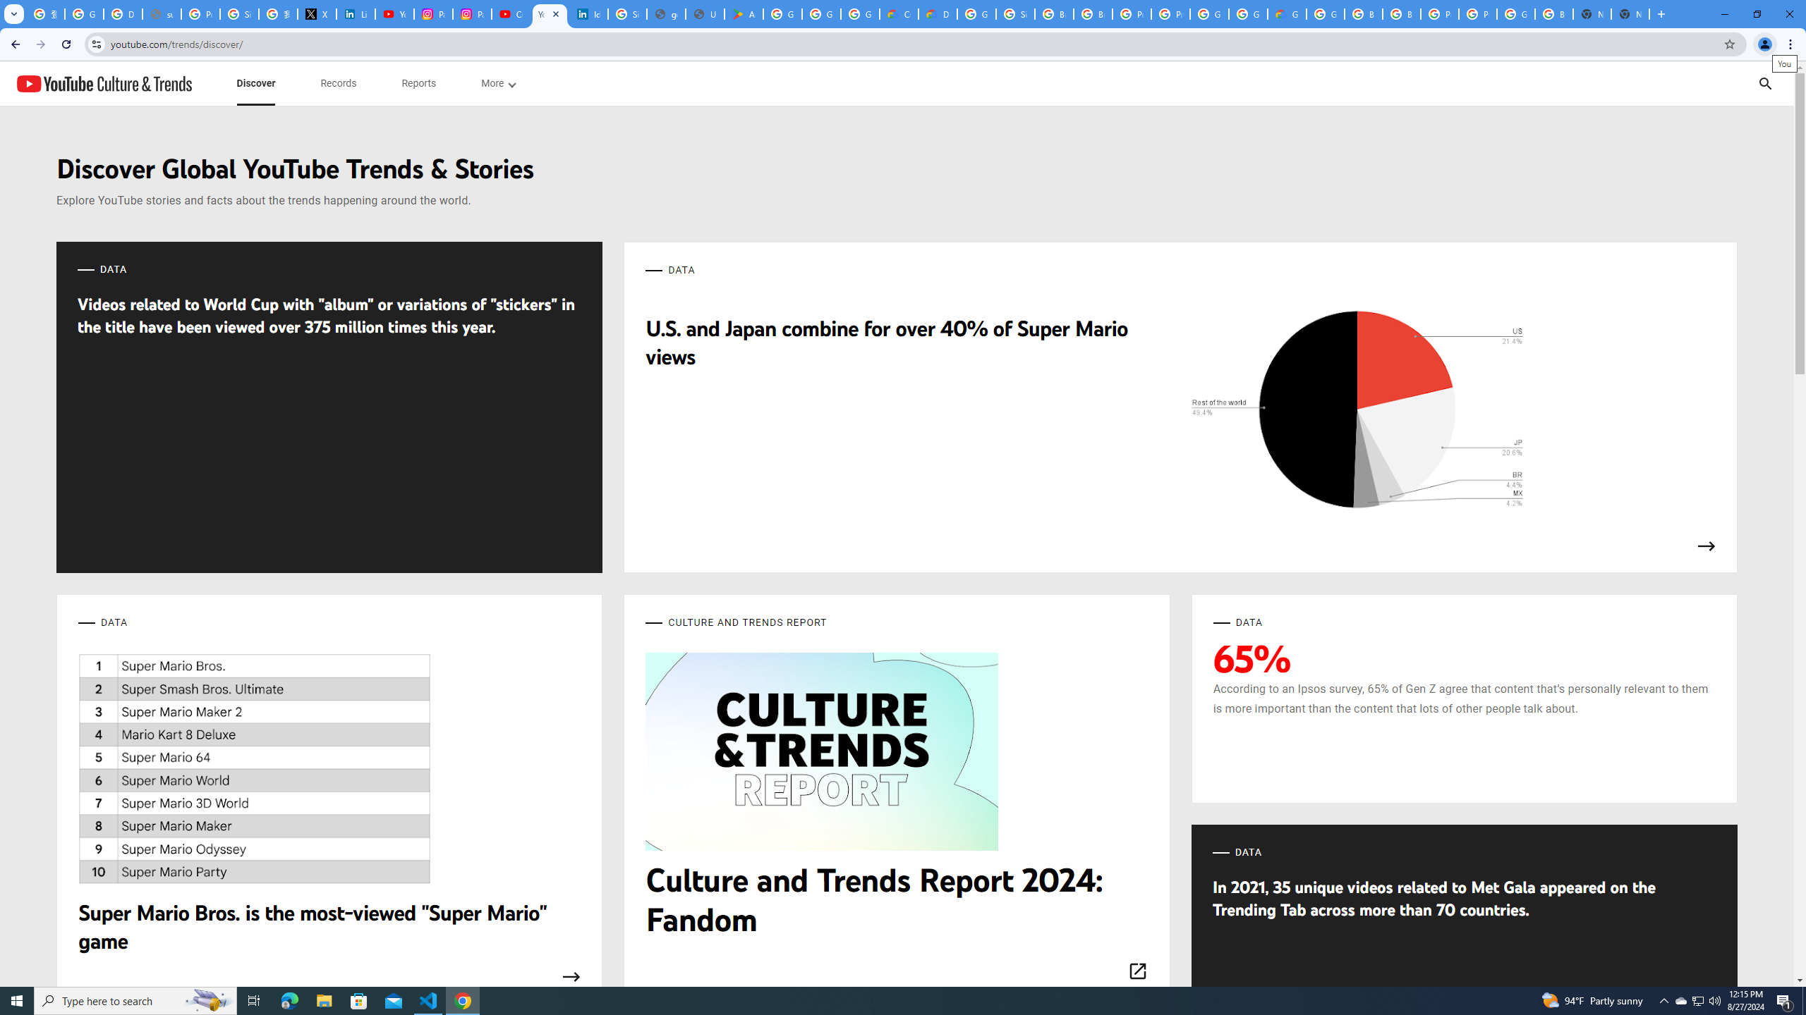  Describe the element at coordinates (1208, 13) in the screenshot. I see `'Google Cloud Platform'` at that location.